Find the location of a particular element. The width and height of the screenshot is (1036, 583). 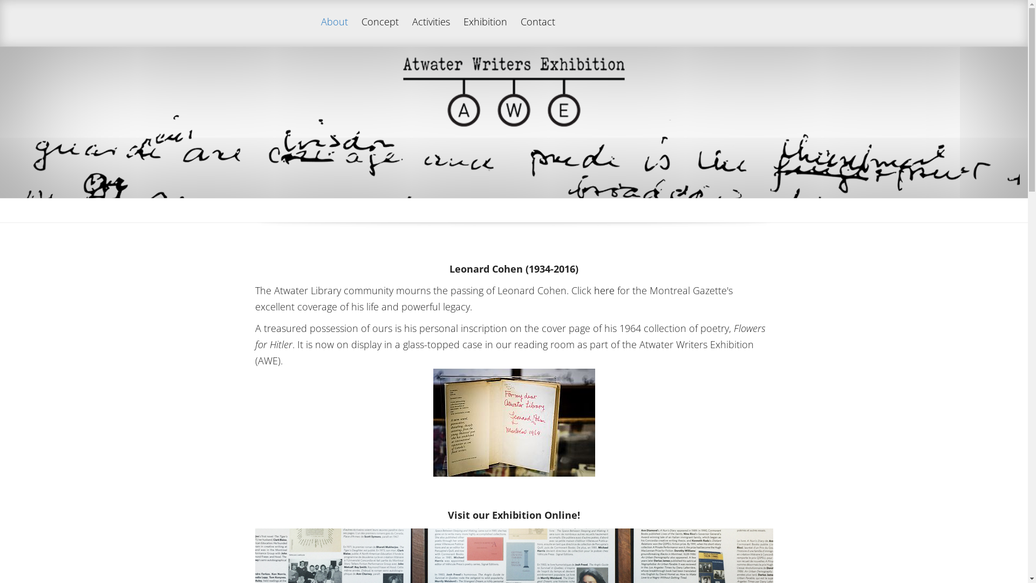

'here' is located at coordinates (603, 289).